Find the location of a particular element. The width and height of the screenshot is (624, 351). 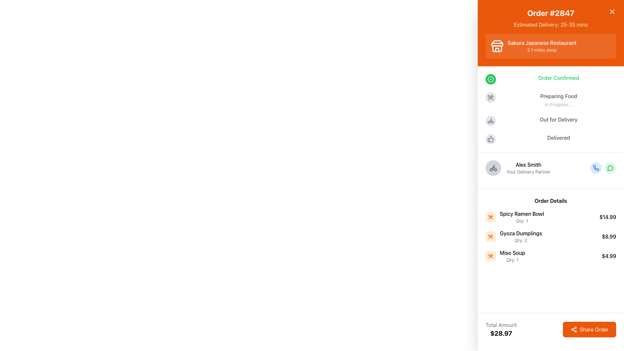

the textual label 'Spicy Ramen Bowl' with quantity 'Qty: 1' and associated icon of crossed utensils is located at coordinates (514, 217).